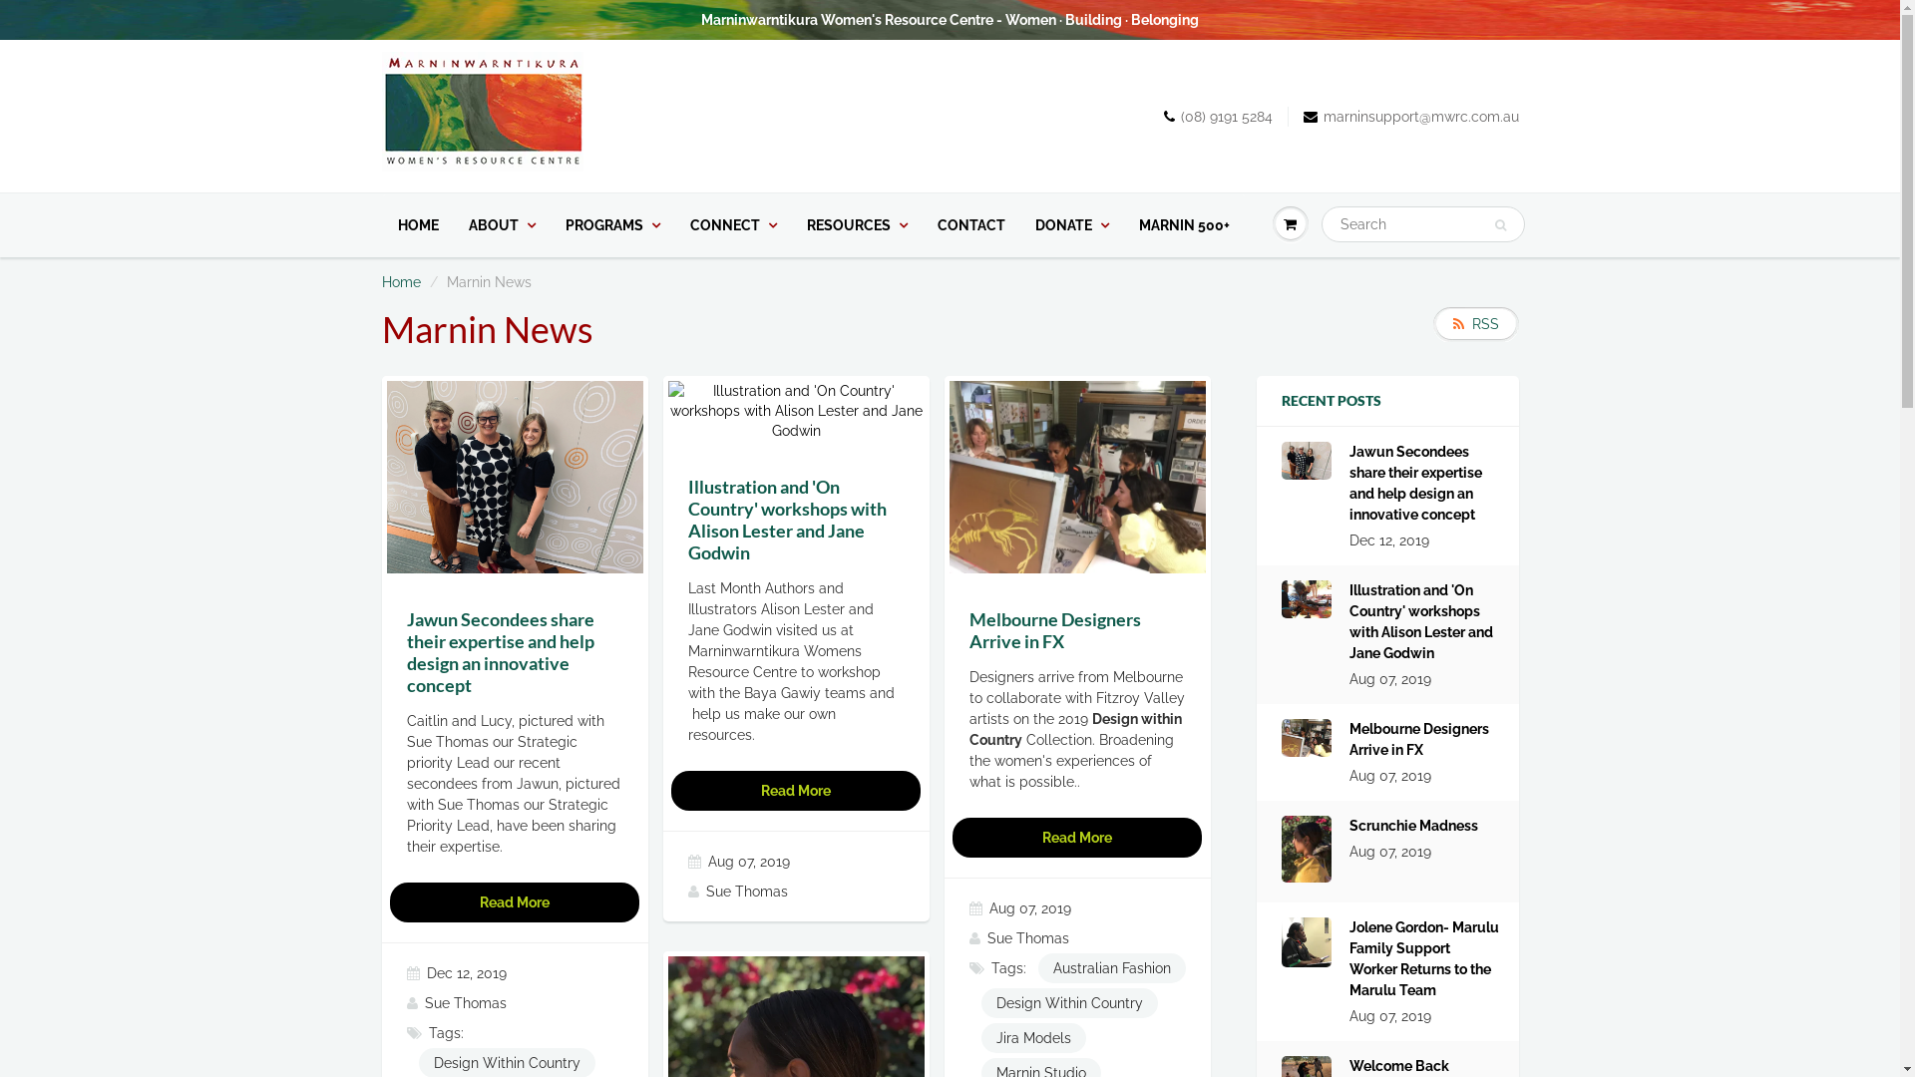  Describe the element at coordinates (1409, 116) in the screenshot. I see `'marninsupport@mwrc.com.au'` at that location.